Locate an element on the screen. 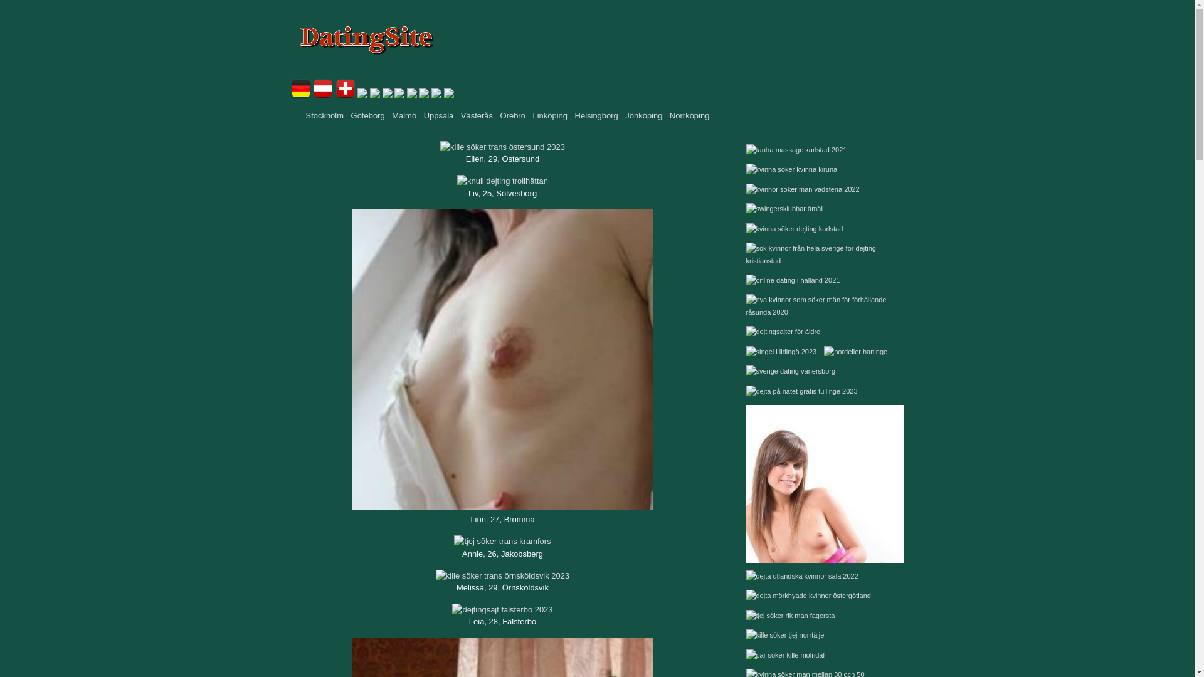 This screenshot has width=1204, height=677. 'Helsingborg' is located at coordinates (596, 115).